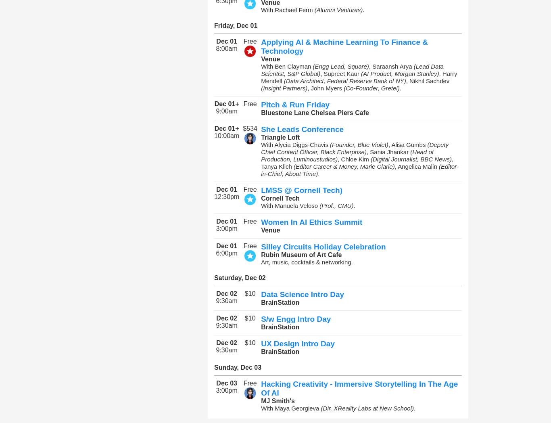 The height and width of the screenshot is (423, 551). Describe the element at coordinates (288, 9) in the screenshot. I see `'With Rachael Ferm'` at that location.